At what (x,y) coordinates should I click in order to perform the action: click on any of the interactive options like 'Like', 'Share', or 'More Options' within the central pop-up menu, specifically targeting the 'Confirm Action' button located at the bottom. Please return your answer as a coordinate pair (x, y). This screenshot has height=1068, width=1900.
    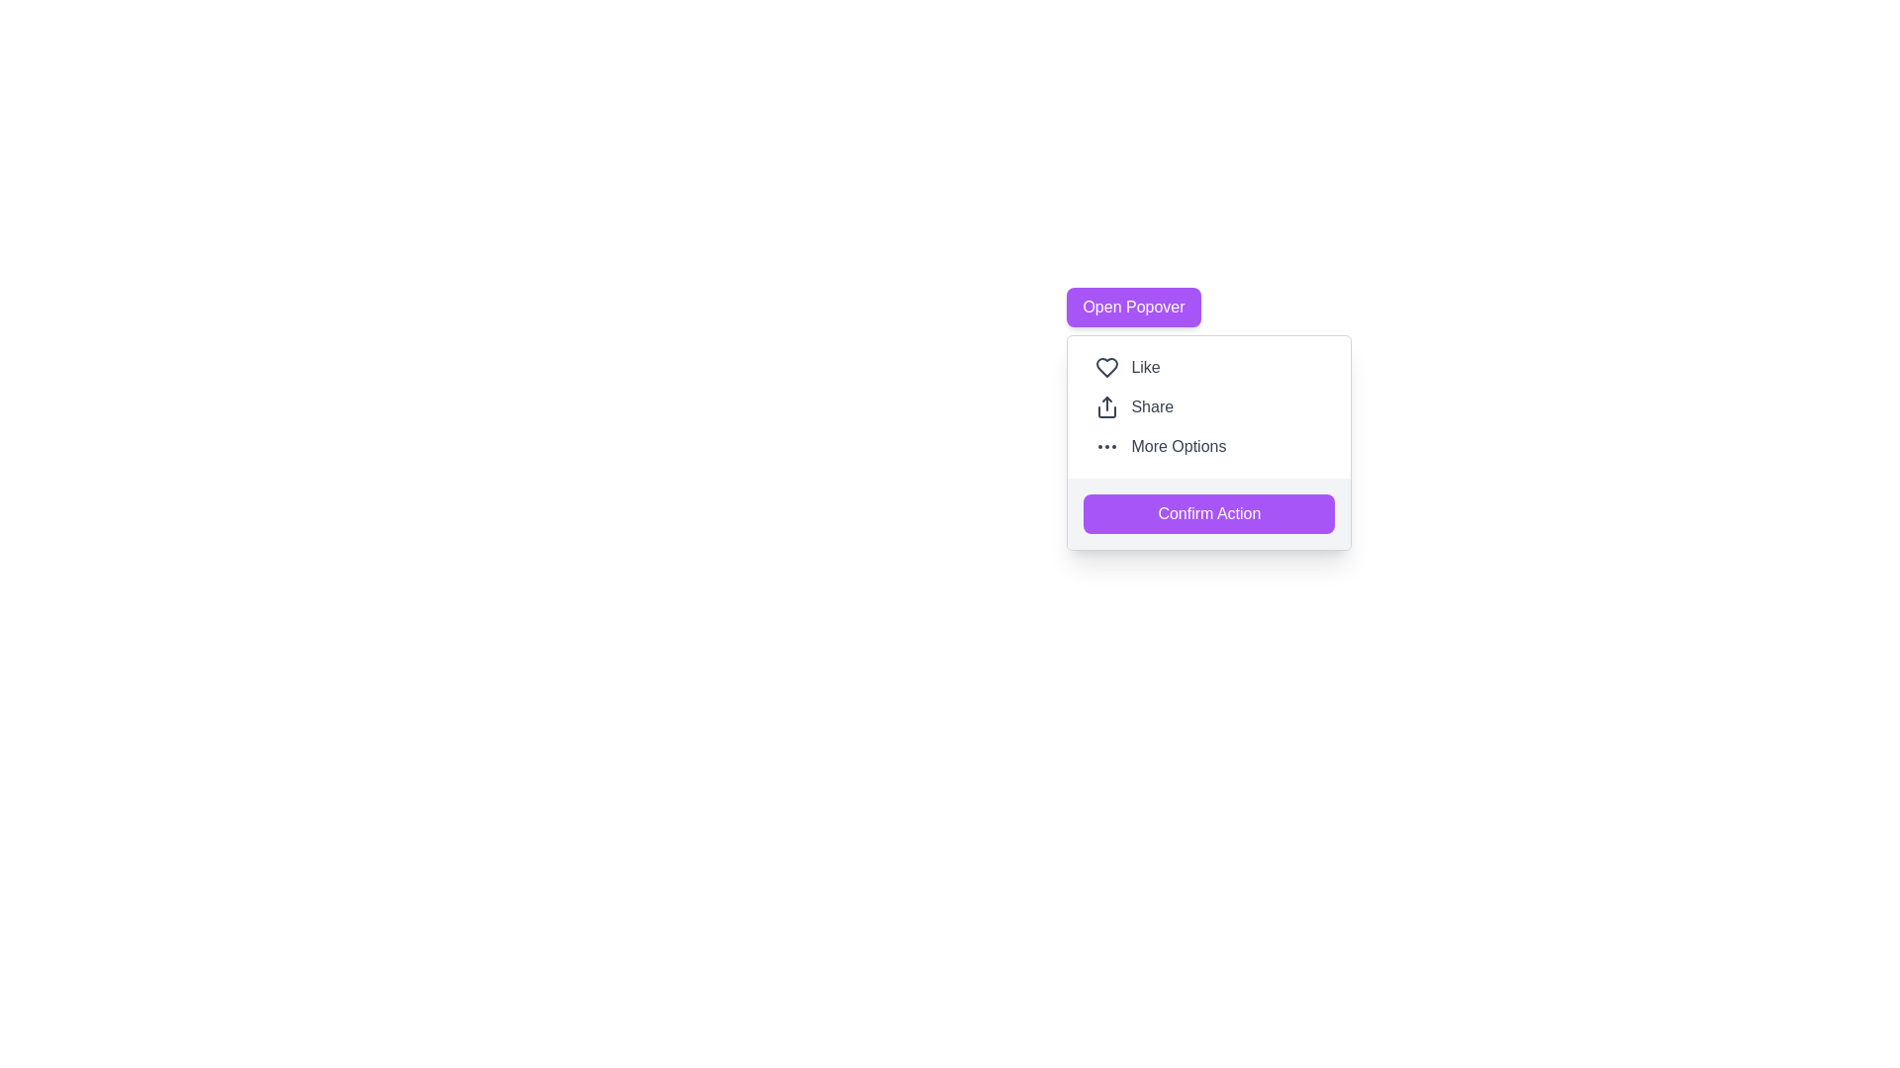
    Looking at the image, I should click on (1208, 441).